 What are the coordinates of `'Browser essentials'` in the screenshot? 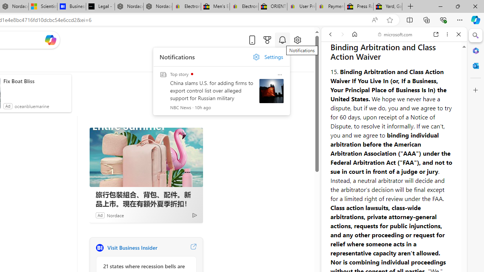 It's located at (443, 19).